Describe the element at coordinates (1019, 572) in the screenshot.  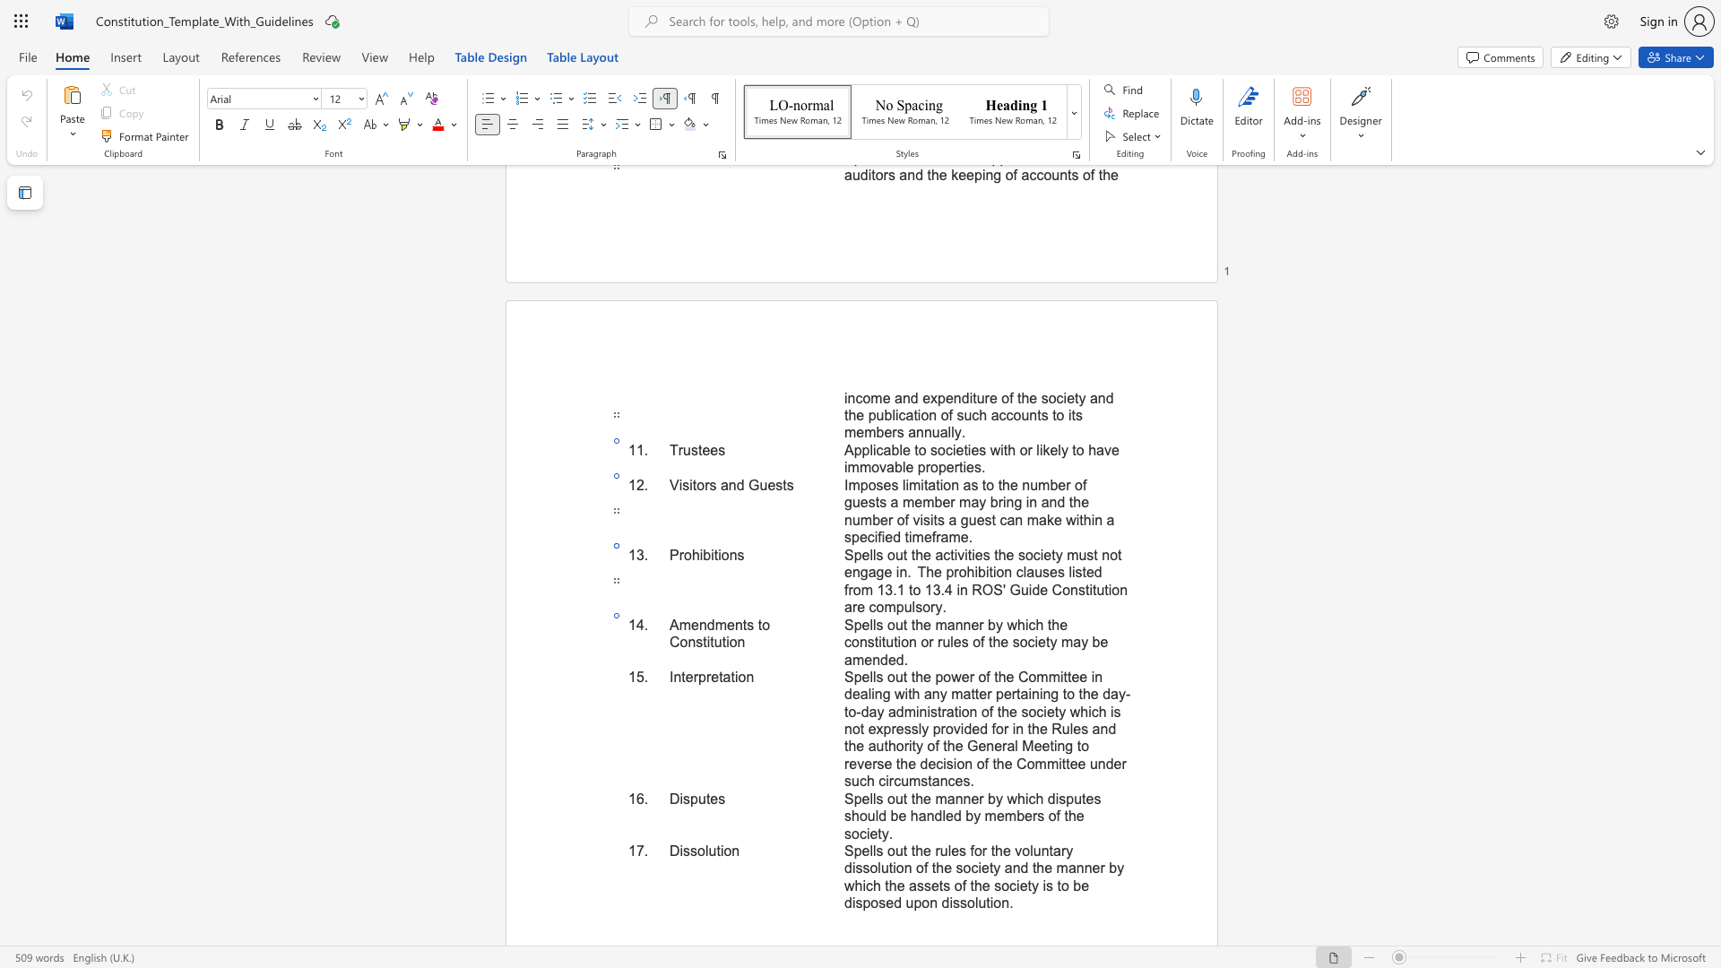
I see `the 3th character "c" in the text` at that location.